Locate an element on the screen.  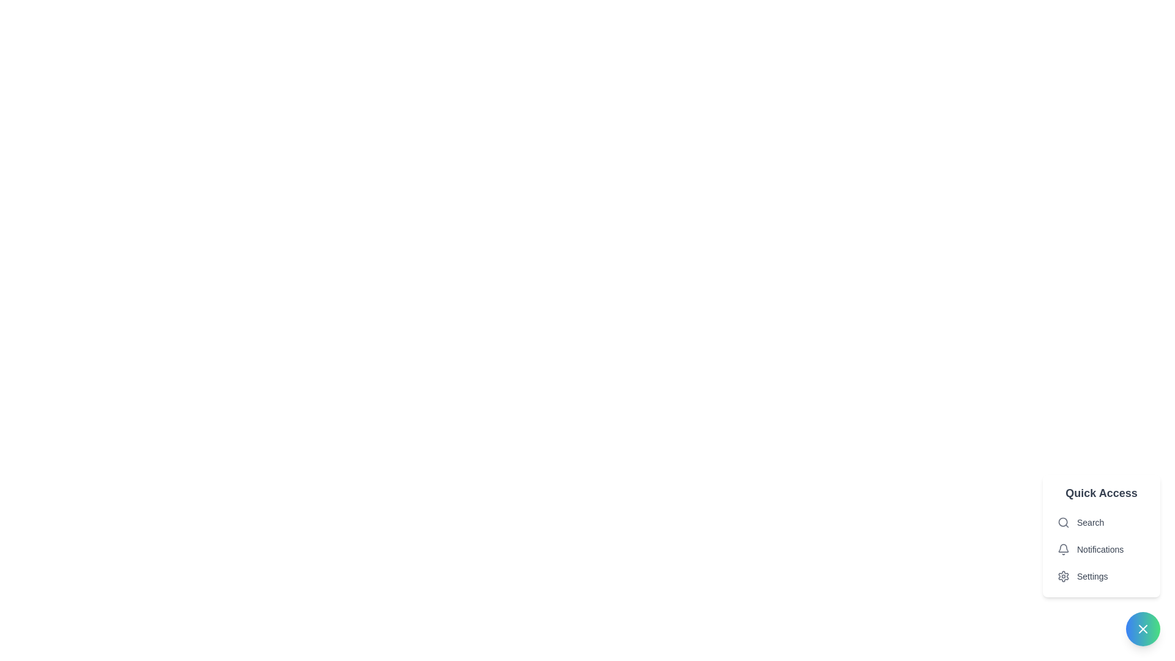
the gear-shaped icon button in light gray, located in the quick access menu is located at coordinates (1062, 576).